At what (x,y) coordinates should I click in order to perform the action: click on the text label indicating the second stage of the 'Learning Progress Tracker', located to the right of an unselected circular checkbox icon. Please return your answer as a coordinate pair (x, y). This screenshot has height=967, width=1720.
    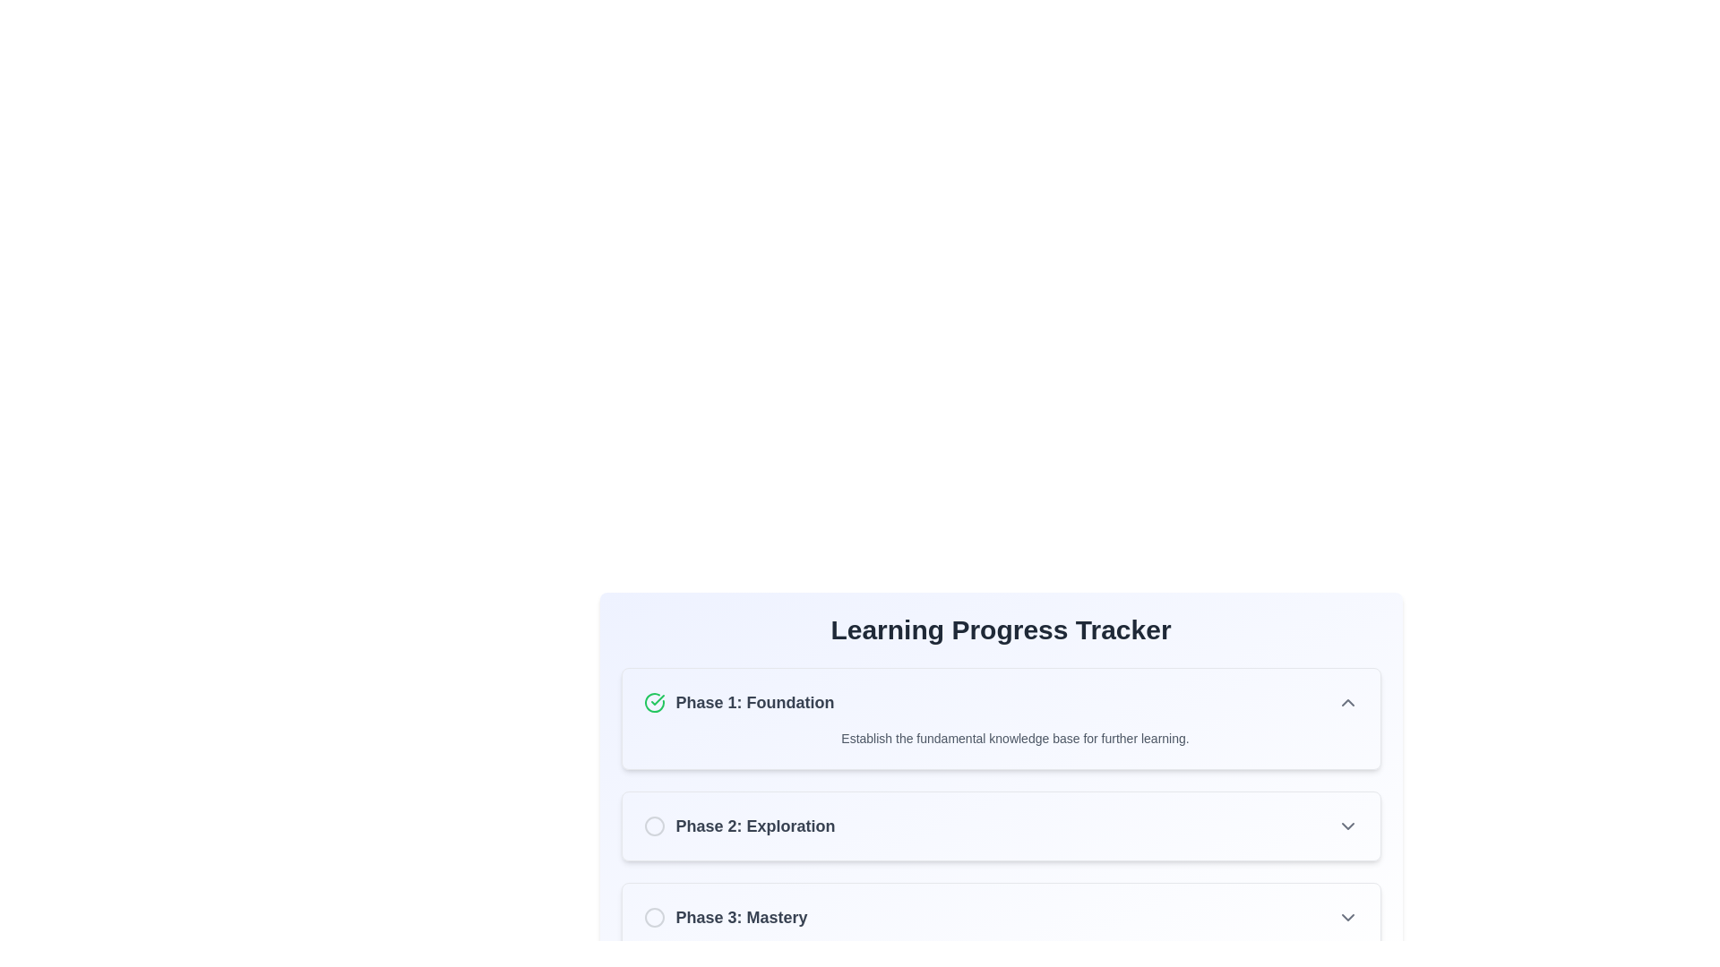
    Looking at the image, I should click on (755, 826).